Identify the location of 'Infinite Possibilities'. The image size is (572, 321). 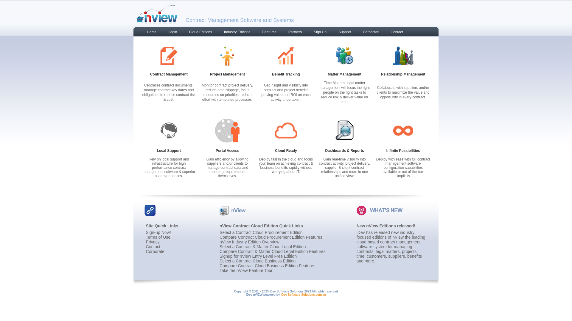
(386, 150).